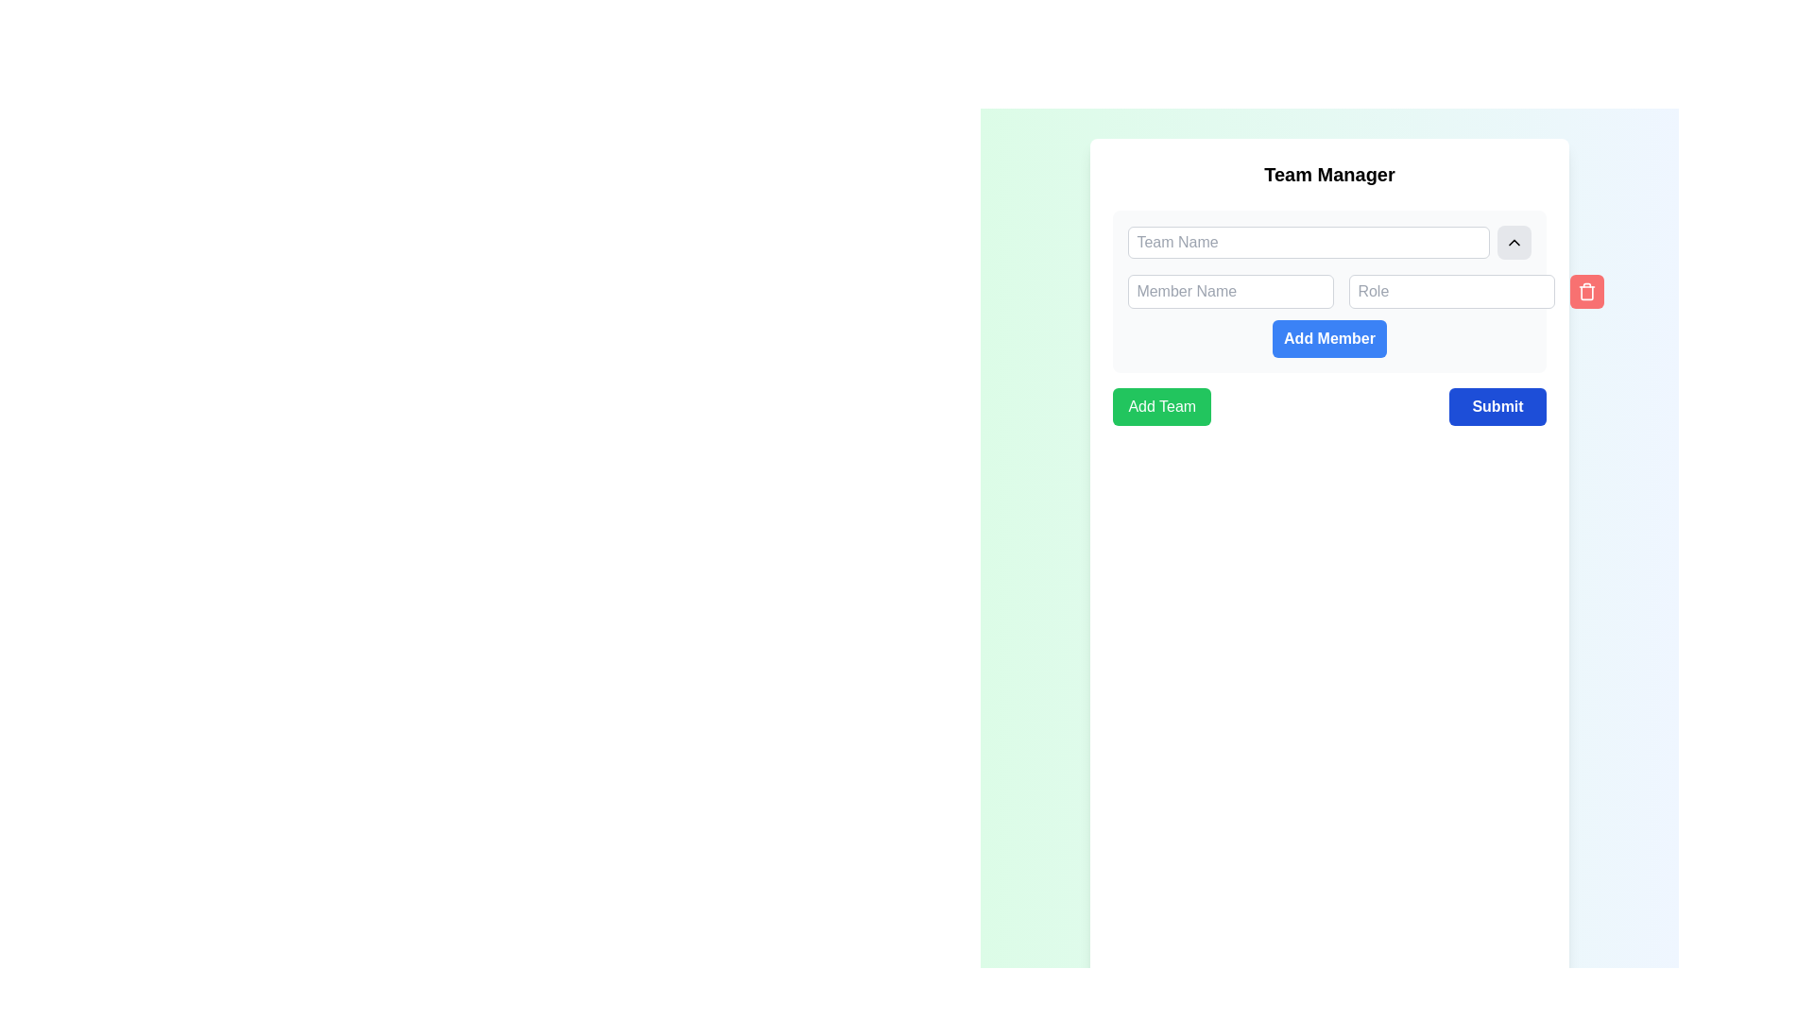 The height and width of the screenshot is (1020, 1814). I want to click on the button with a gray background and upward-pointing chevron icon, so click(1514, 242).